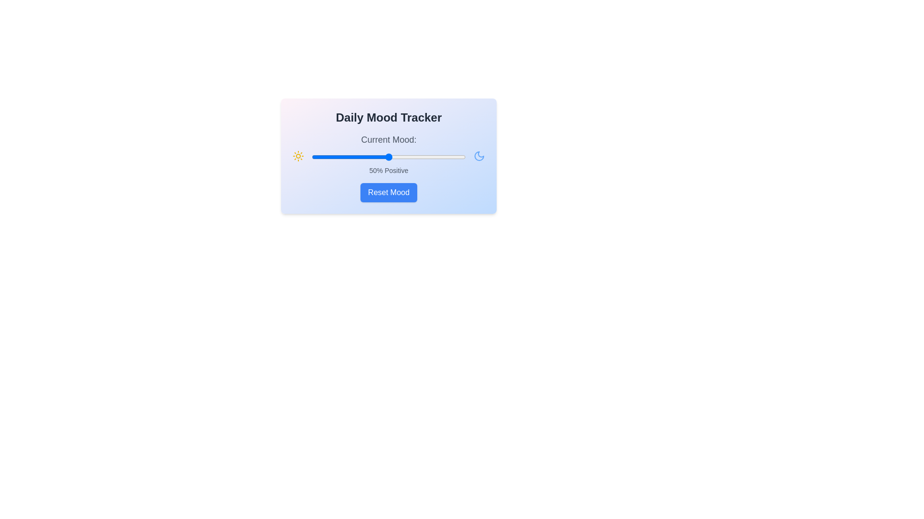 This screenshot has height=519, width=924. I want to click on the sunny mood icon located on the left side of the 'Current Mood' section, so click(297, 155).